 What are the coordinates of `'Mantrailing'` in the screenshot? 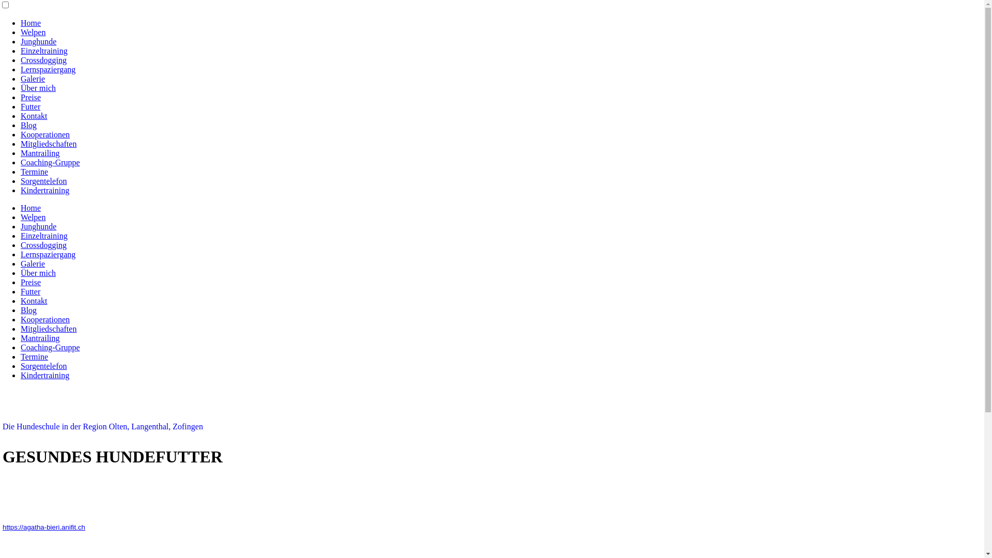 It's located at (40, 153).